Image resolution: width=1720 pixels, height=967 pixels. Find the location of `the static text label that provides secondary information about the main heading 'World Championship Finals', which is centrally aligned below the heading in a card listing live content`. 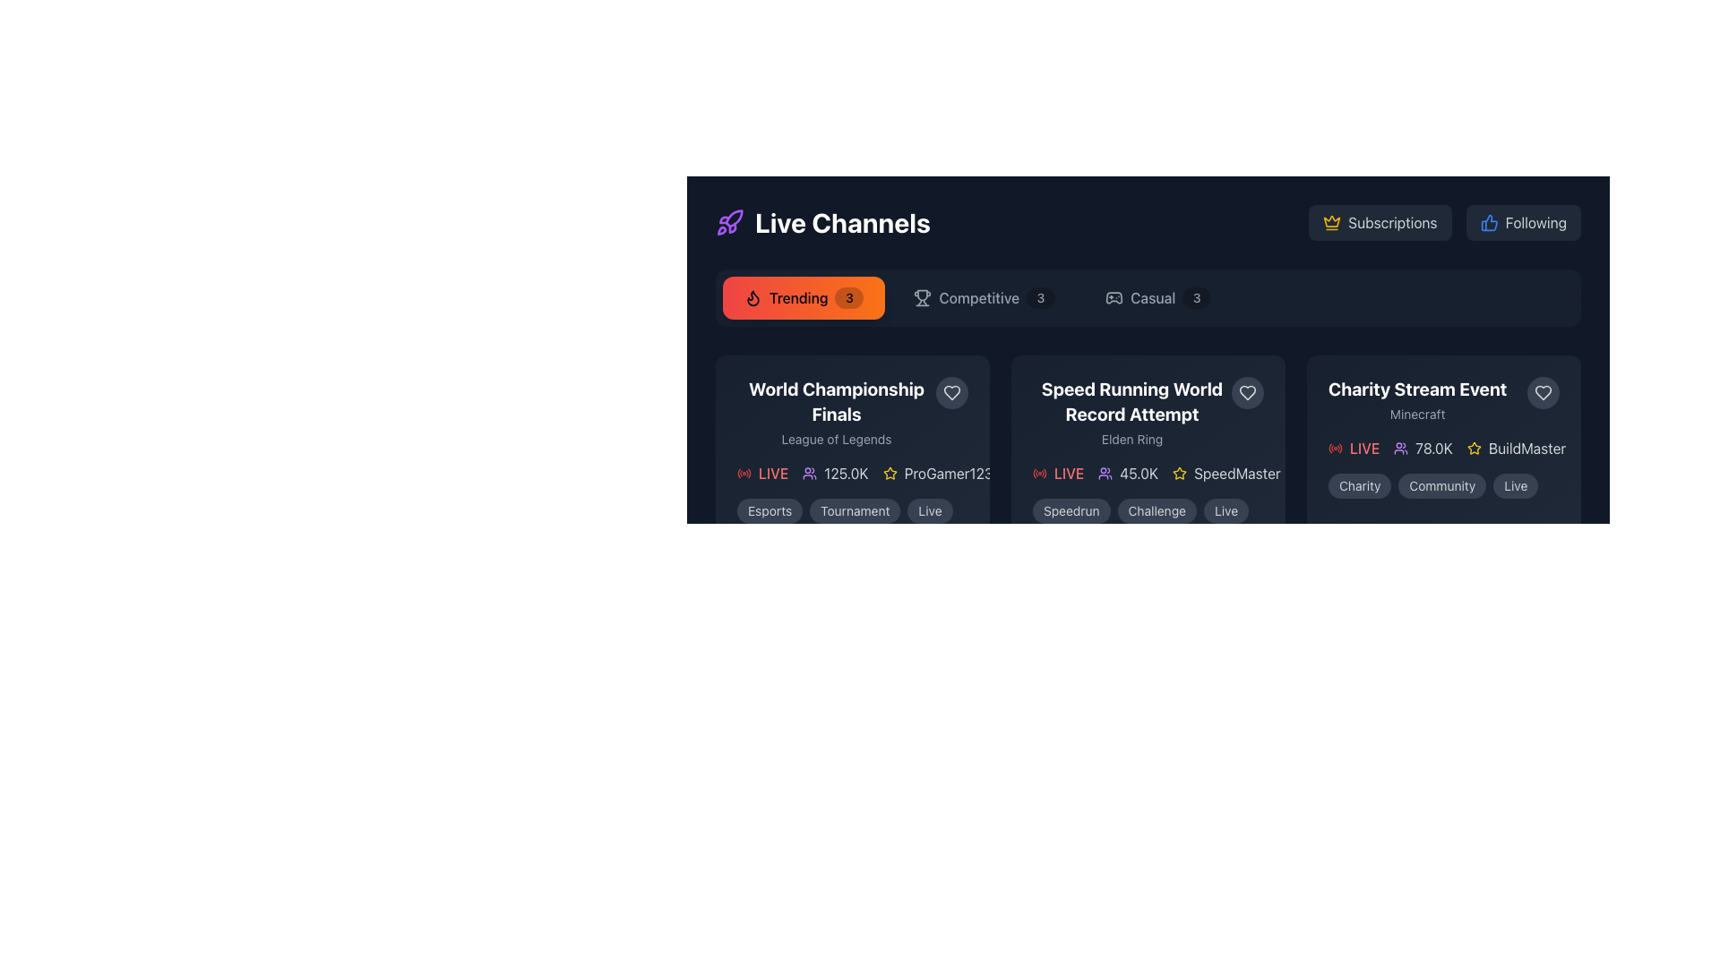

the static text label that provides secondary information about the main heading 'World Championship Finals', which is centrally aligned below the heading in a card listing live content is located at coordinates (836, 439).